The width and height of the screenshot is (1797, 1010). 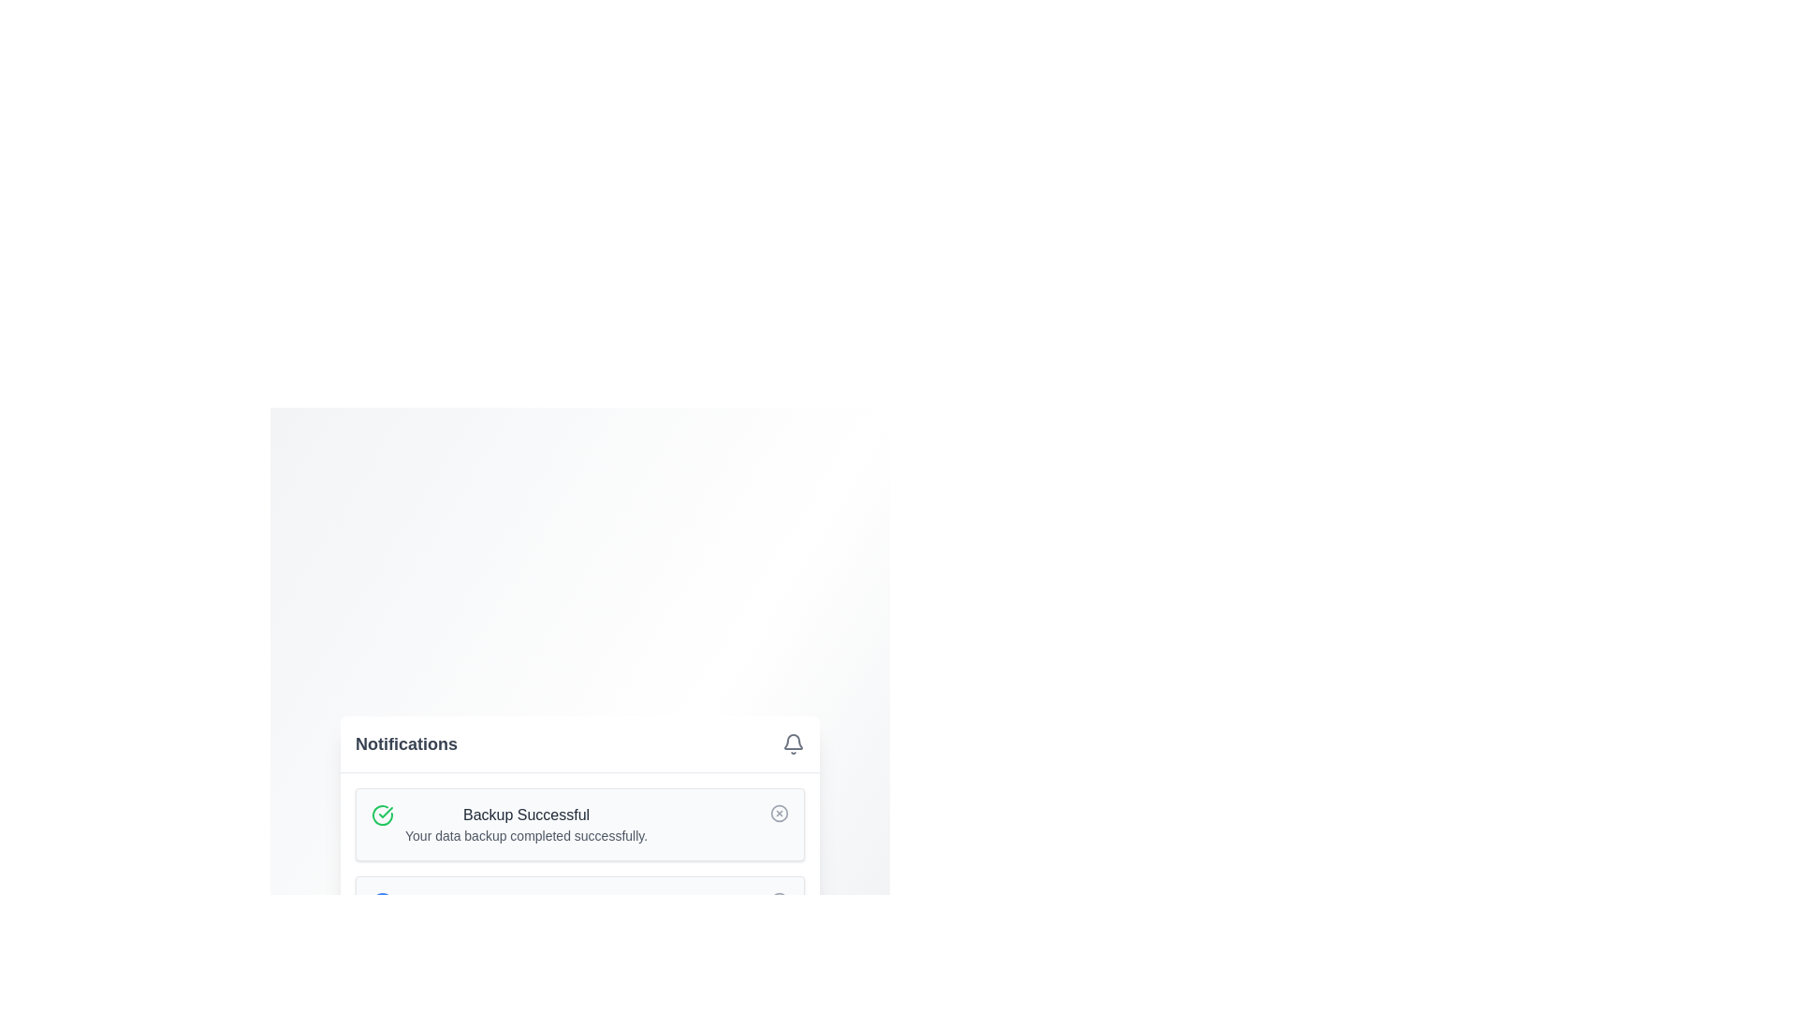 What do you see at coordinates (525, 824) in the screenshot?
I see `the notification text block displaying 'Backup Successful' and its description 'Your data backup completed successfully.'` at bounding box center [525, 824].